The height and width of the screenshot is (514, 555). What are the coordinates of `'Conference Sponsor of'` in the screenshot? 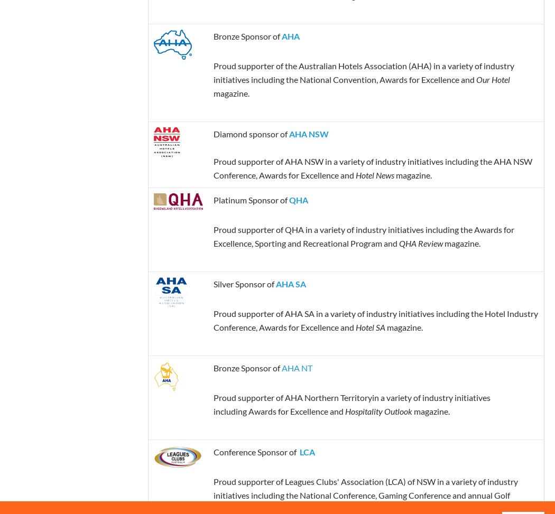 It's located at (256, 451).